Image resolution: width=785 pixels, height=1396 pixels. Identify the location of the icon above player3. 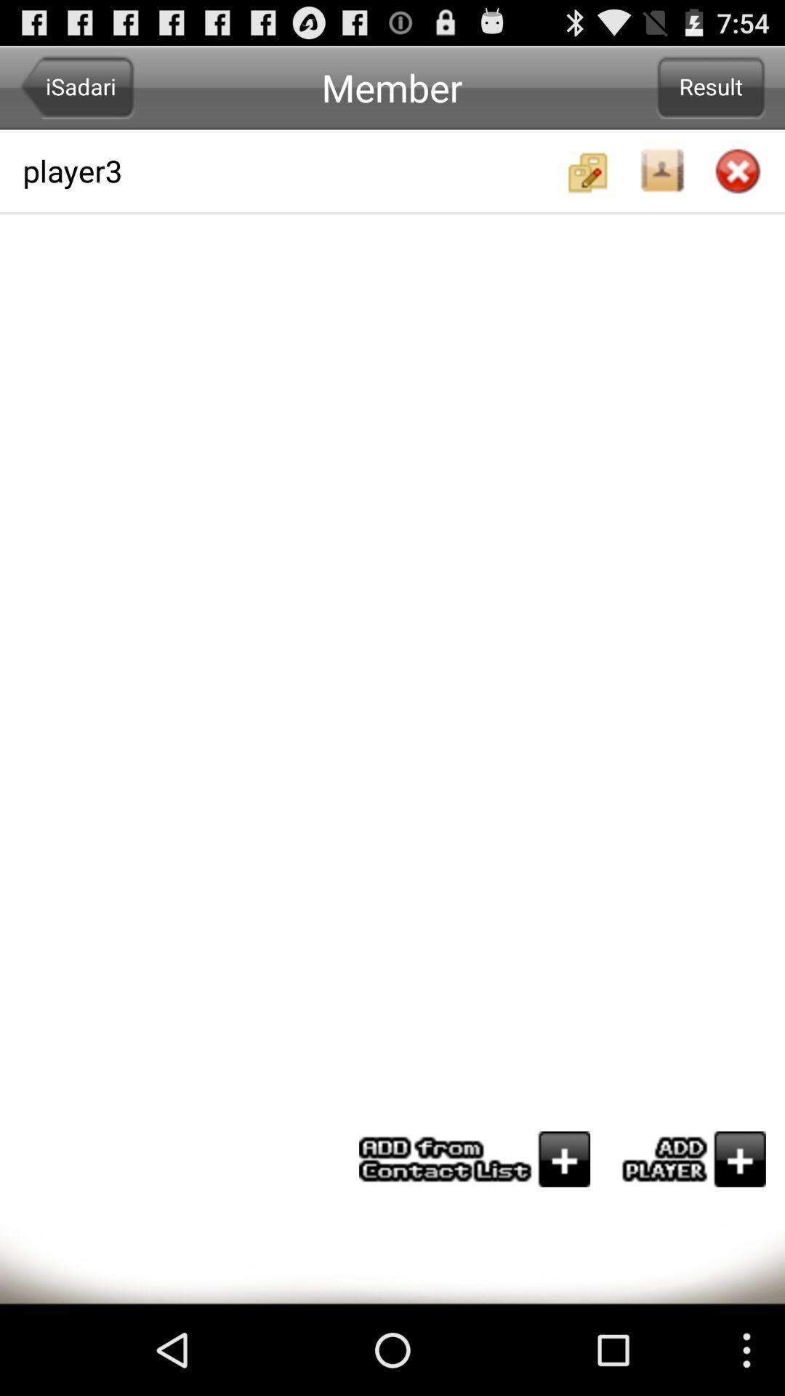
(77, 87).